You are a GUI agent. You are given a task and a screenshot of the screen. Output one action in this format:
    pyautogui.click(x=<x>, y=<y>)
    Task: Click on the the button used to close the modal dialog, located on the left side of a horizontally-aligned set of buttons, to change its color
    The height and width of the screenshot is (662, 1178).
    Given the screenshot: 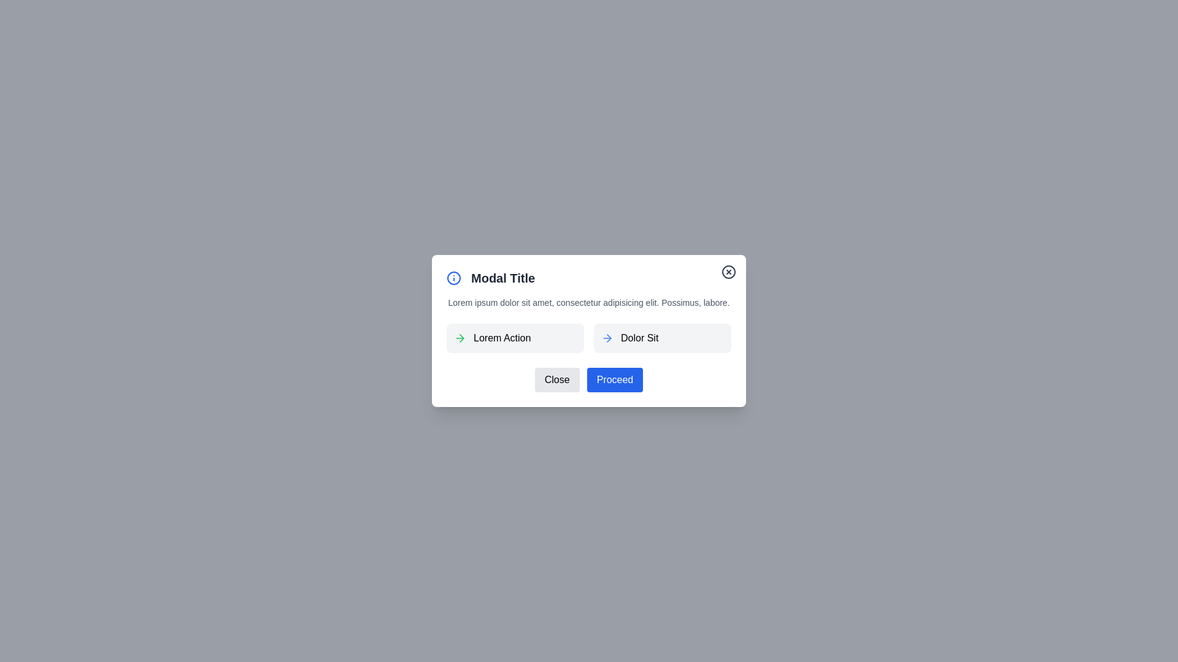 What is the action you would take?
    pyautogui.click(x=556, y=379)
    